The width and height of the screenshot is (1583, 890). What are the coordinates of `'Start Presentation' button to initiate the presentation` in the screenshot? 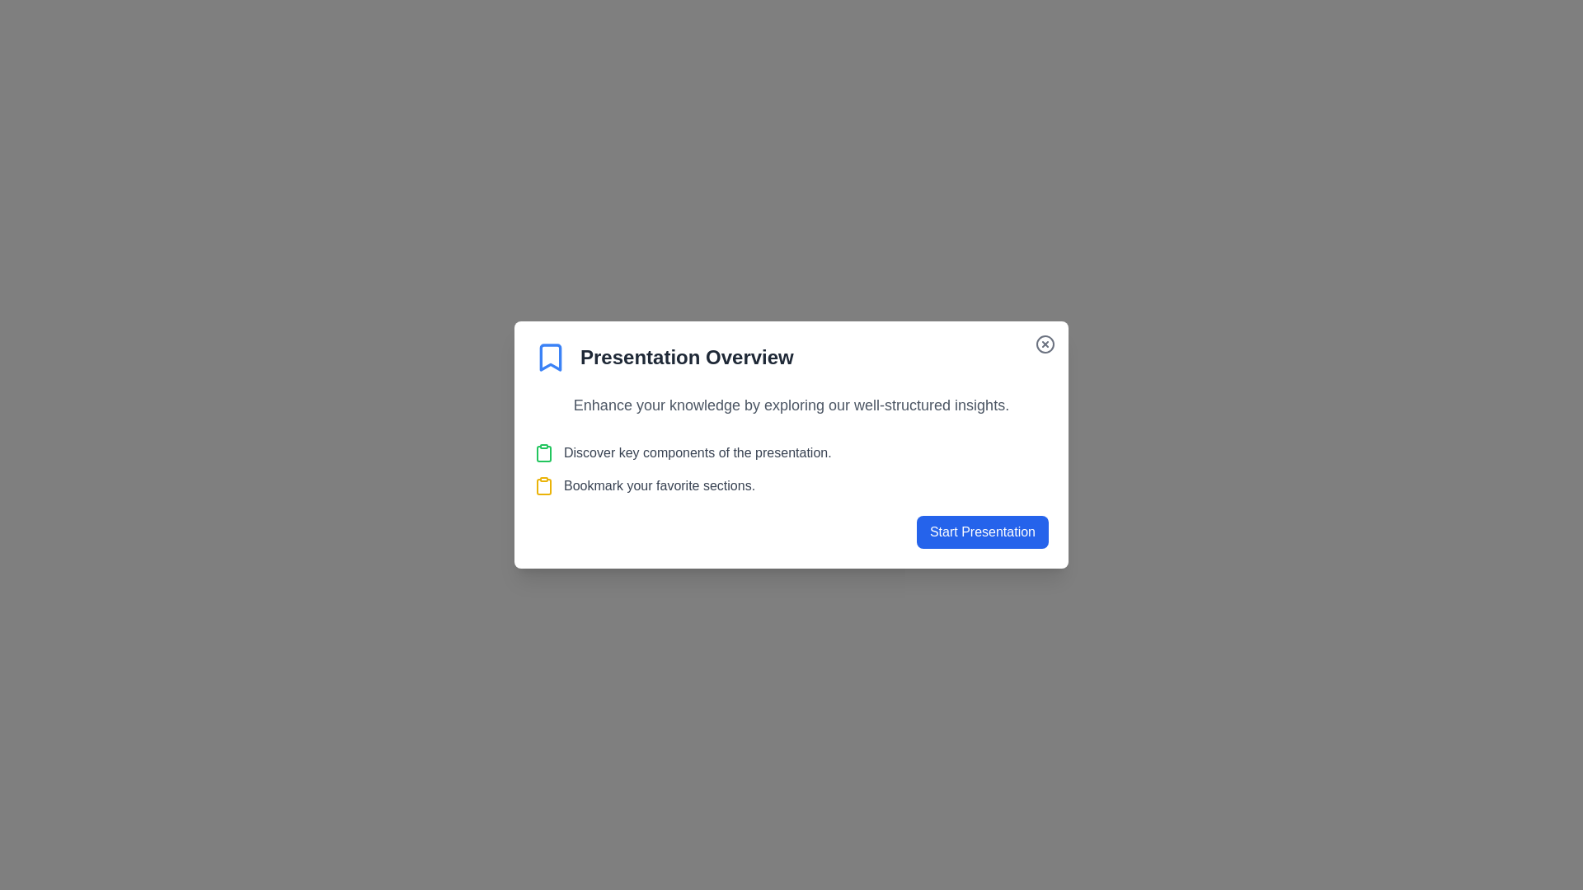 It's located at (982, 532).